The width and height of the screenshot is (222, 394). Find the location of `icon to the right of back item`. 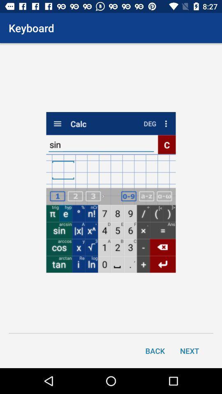

icon to the right of back item is located at coordinates (190, 350).